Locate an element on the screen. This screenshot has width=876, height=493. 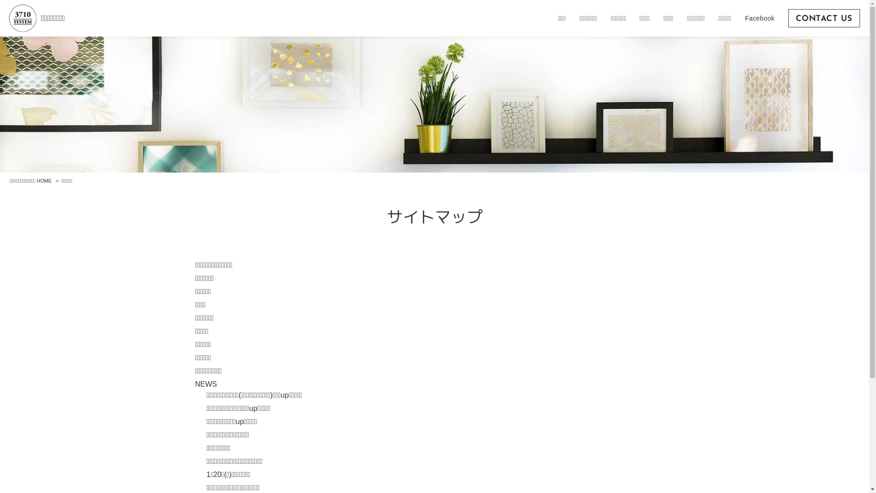
'Facebook' is located at coordinates (760, 18).